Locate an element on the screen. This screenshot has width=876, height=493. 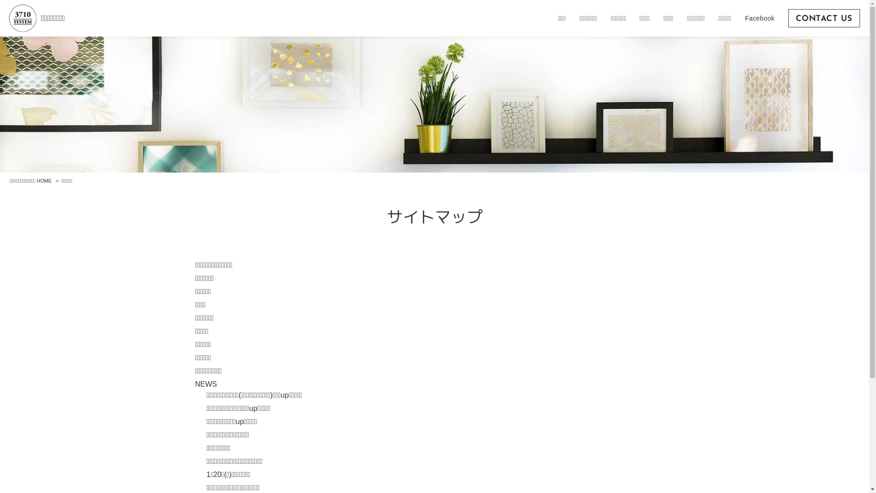
'Facebook' is located at coordinates (760, 18).